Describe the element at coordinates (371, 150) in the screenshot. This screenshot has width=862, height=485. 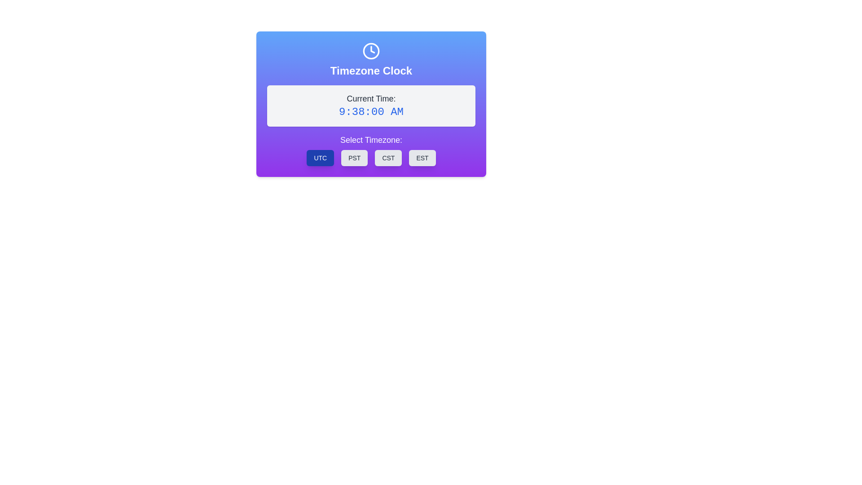
I see `the interactive button within the timezone selection group located in the lower half of the centered card layout` at that location.